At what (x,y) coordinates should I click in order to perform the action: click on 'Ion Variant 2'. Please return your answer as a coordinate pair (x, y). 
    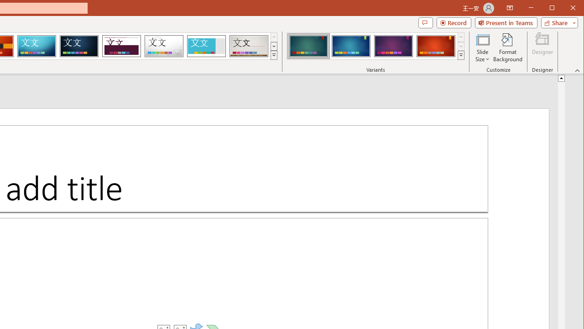
    Looking at the image, I should click on (350, 46).